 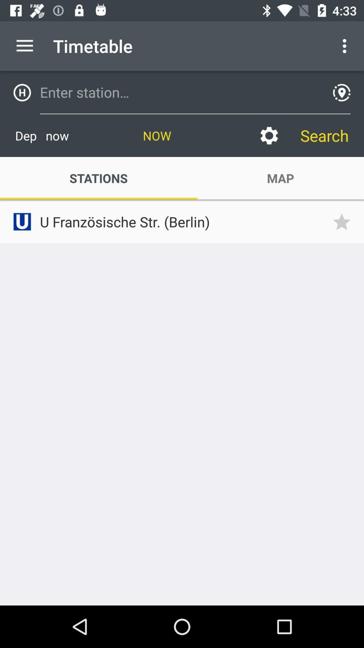 What do you see at coordinates (269, 135) in the screenshot?
I see `icon to the right of the stations icon` at bounding box center [269, 135].